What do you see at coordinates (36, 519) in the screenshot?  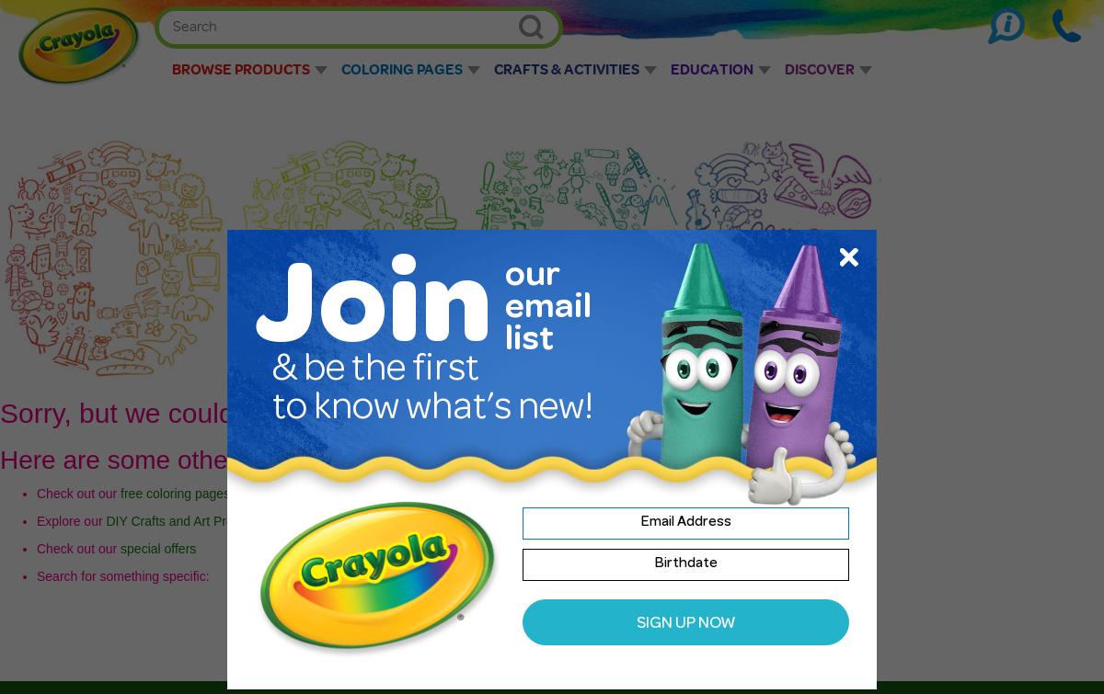 I see `'Explore our'` at bounding box center [36, 519].